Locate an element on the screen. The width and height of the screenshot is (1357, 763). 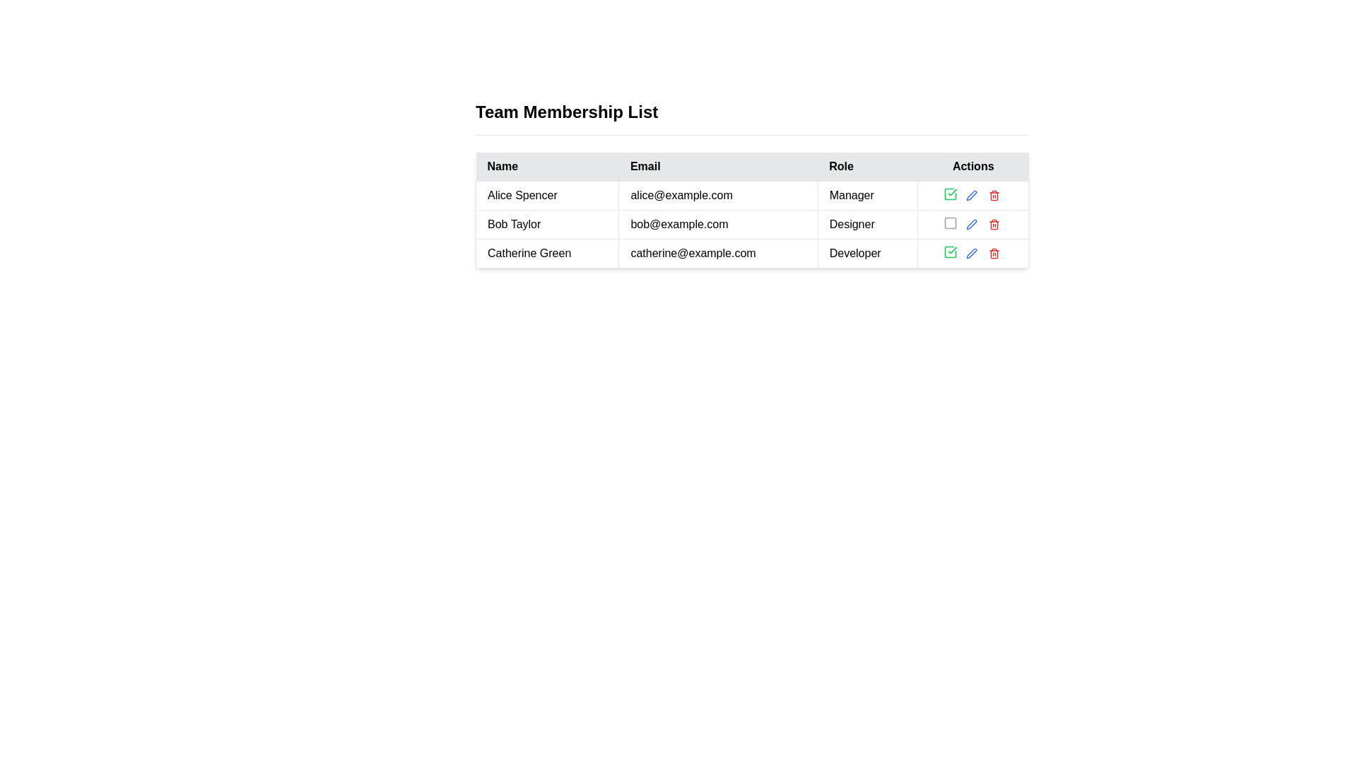
the green checkmark icon in the 'Actions' column for 'Catherine Green - Developer' to mark as completed or approved is located at coordinates (973, 252).